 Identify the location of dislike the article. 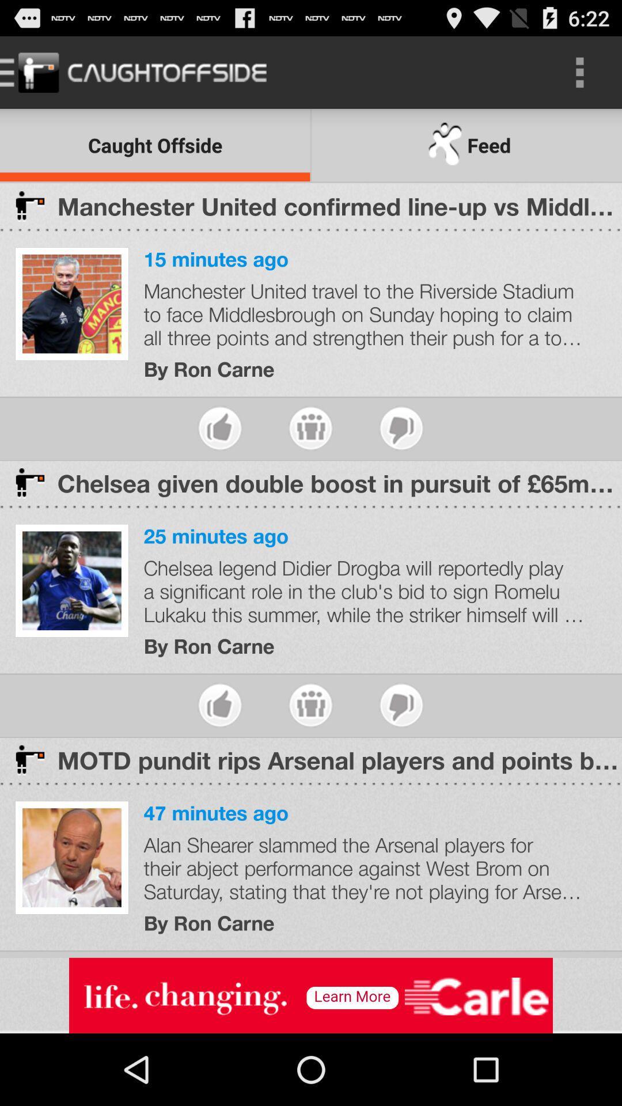
(401, 704).